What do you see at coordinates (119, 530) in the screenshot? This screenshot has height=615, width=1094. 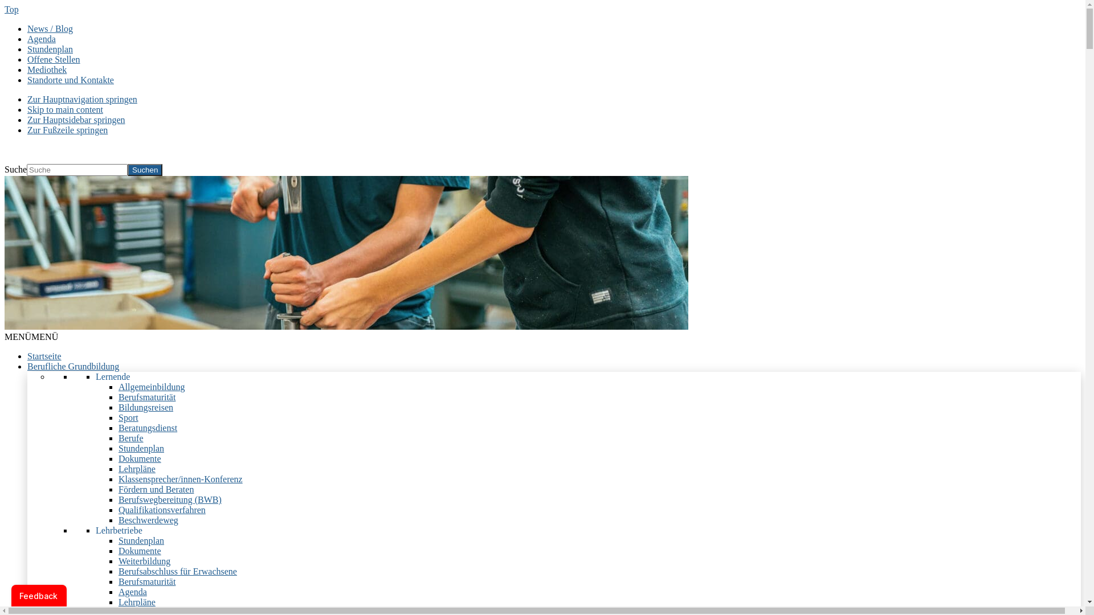 I see `'Lehrbetriebe'` at bounding box center [119, 530].